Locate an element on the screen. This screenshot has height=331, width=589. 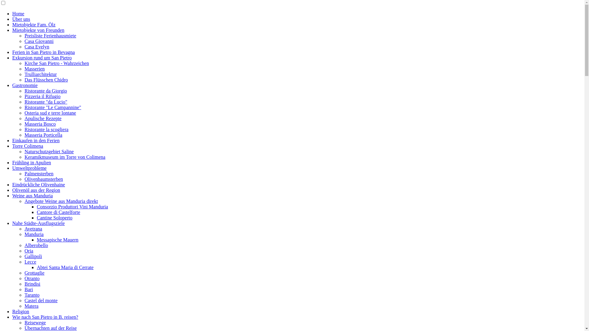
'Ferien in San Pietro in Bevagna' is located at coordinates (12, 52).